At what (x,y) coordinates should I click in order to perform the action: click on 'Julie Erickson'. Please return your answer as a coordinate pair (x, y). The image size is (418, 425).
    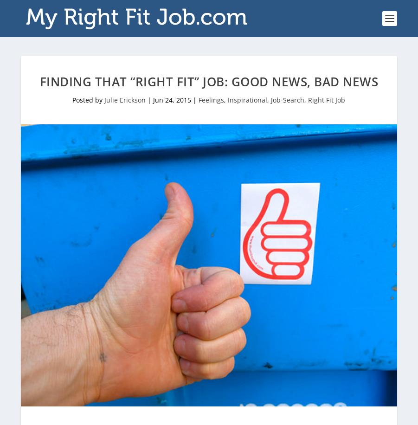
    Looking at the image, I should click on (124, 99).